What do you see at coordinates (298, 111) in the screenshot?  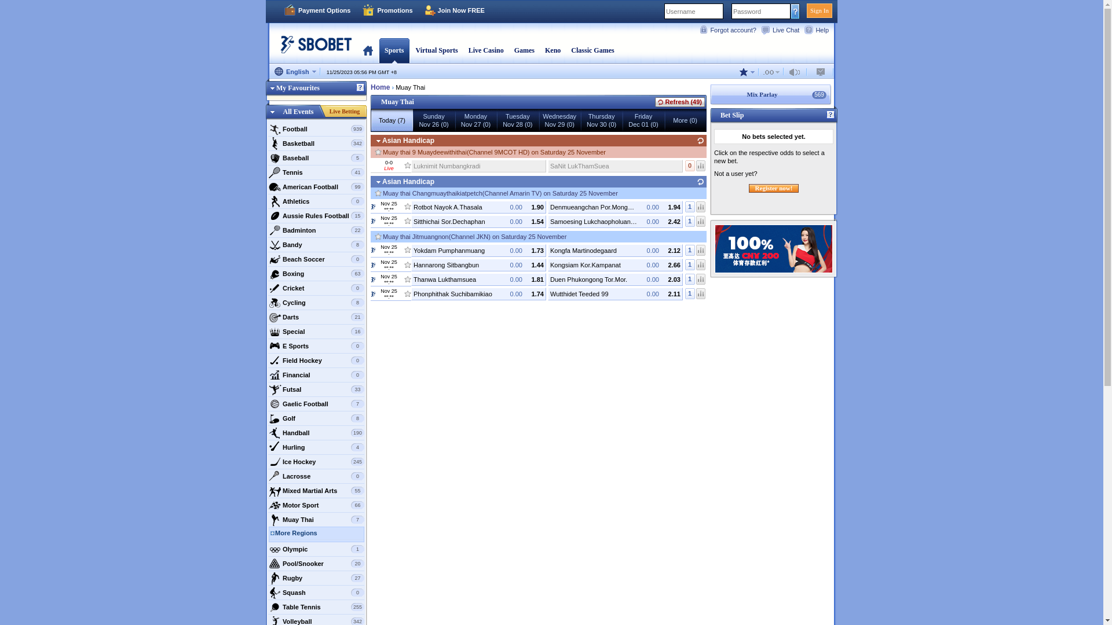 I see `'All Events'` at bounding box center [298, 111].